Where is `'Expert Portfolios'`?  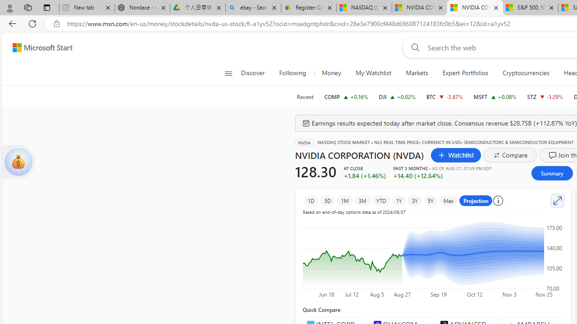
'Expert Portfolios' is located at coordinates (465, 73).